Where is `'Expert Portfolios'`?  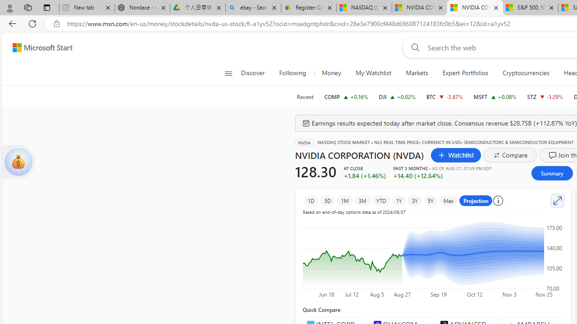
'Expert Portfolios' is located at coordinates (465, 73).